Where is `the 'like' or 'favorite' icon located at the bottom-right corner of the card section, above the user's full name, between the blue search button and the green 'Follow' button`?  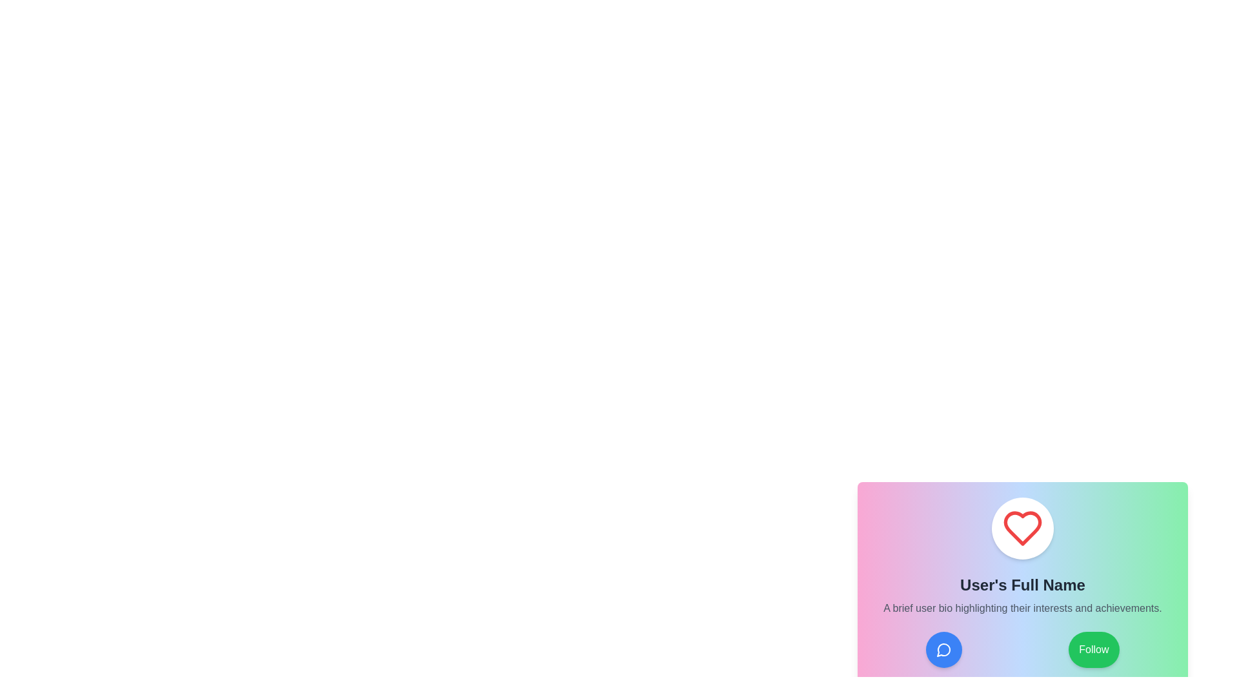
the 'like' or 'favorite' icon located at the bottom-right corner of the card section, above the user's full name, between the blue search button and the green 'Follow' button is located at coordinates (1022, 528).